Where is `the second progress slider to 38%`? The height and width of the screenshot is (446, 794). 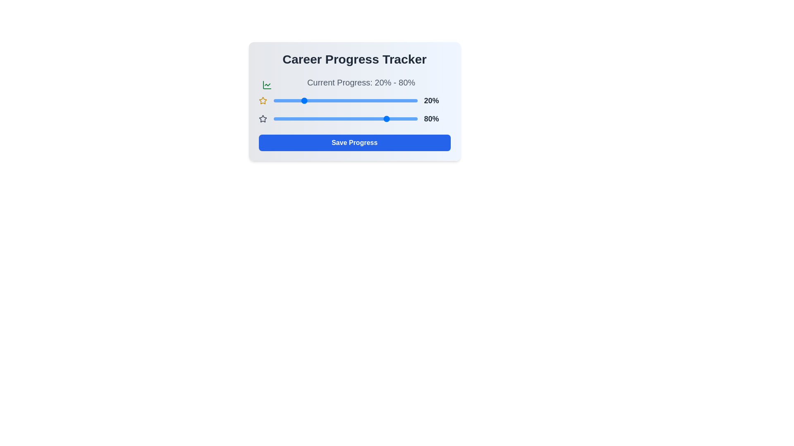
the second progress slider to 38% is located at coordinates (328, 119).